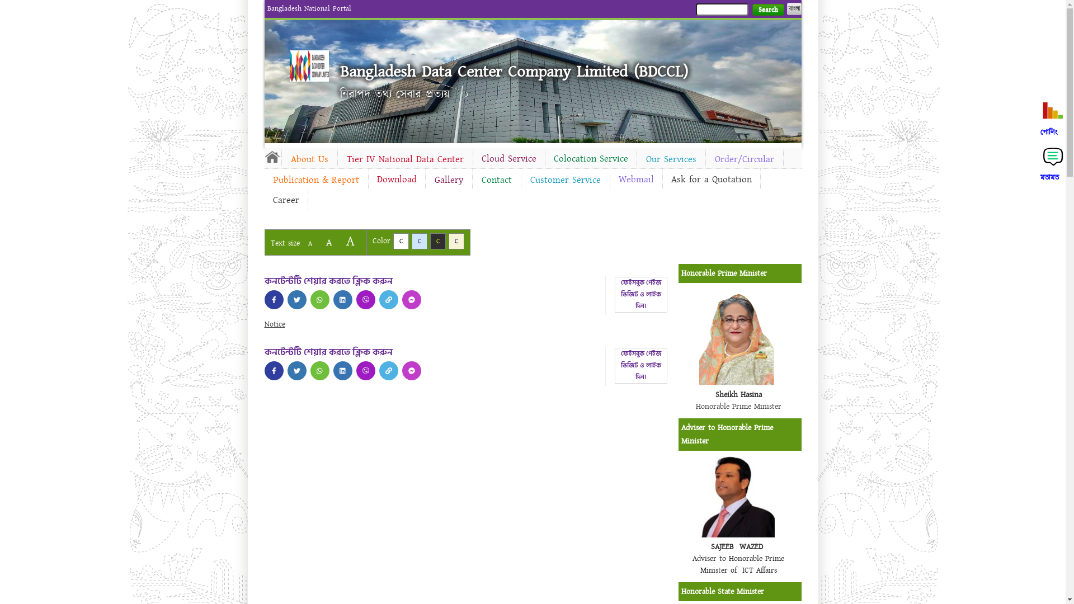 The image size is (1074, 604). I want to click on 'About Us', so click(282, 159).